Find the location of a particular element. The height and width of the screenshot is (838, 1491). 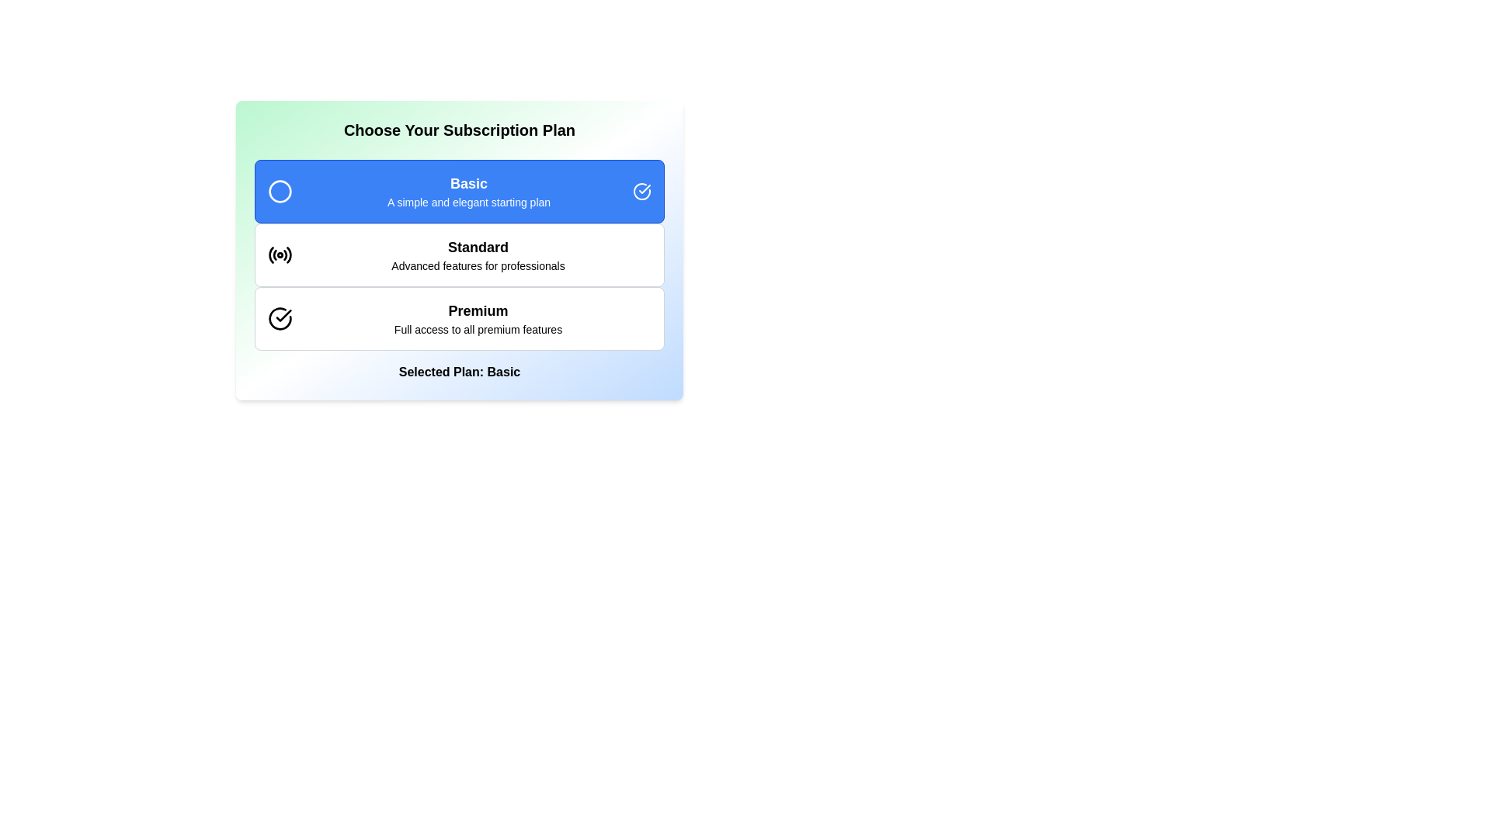

the check mark icon located at the right side of the 'Basic' option in the subscription plan interface, which signifies selection or checking action is located at coordinates (645, 188).